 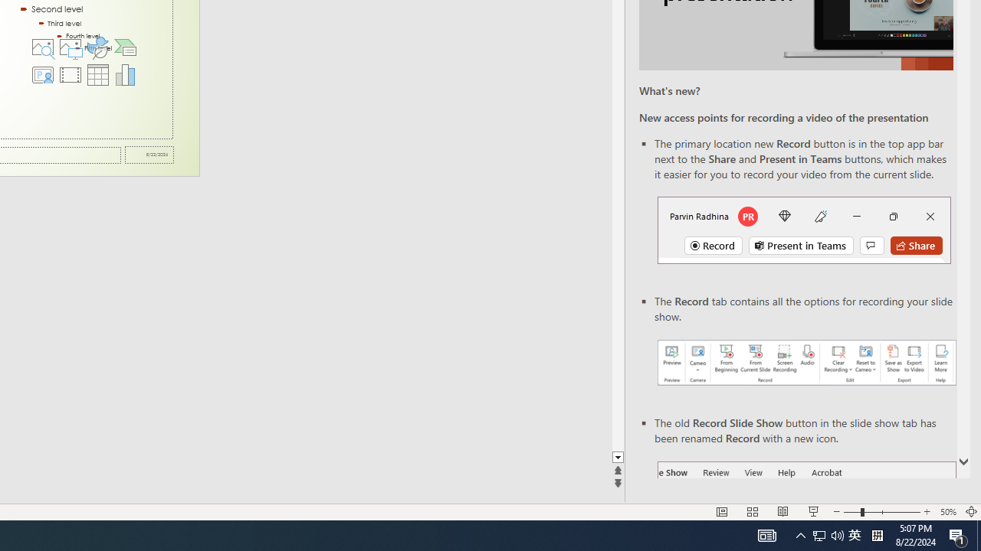 I want to click on 'Record button in top bar', so click(x=803, y=230).